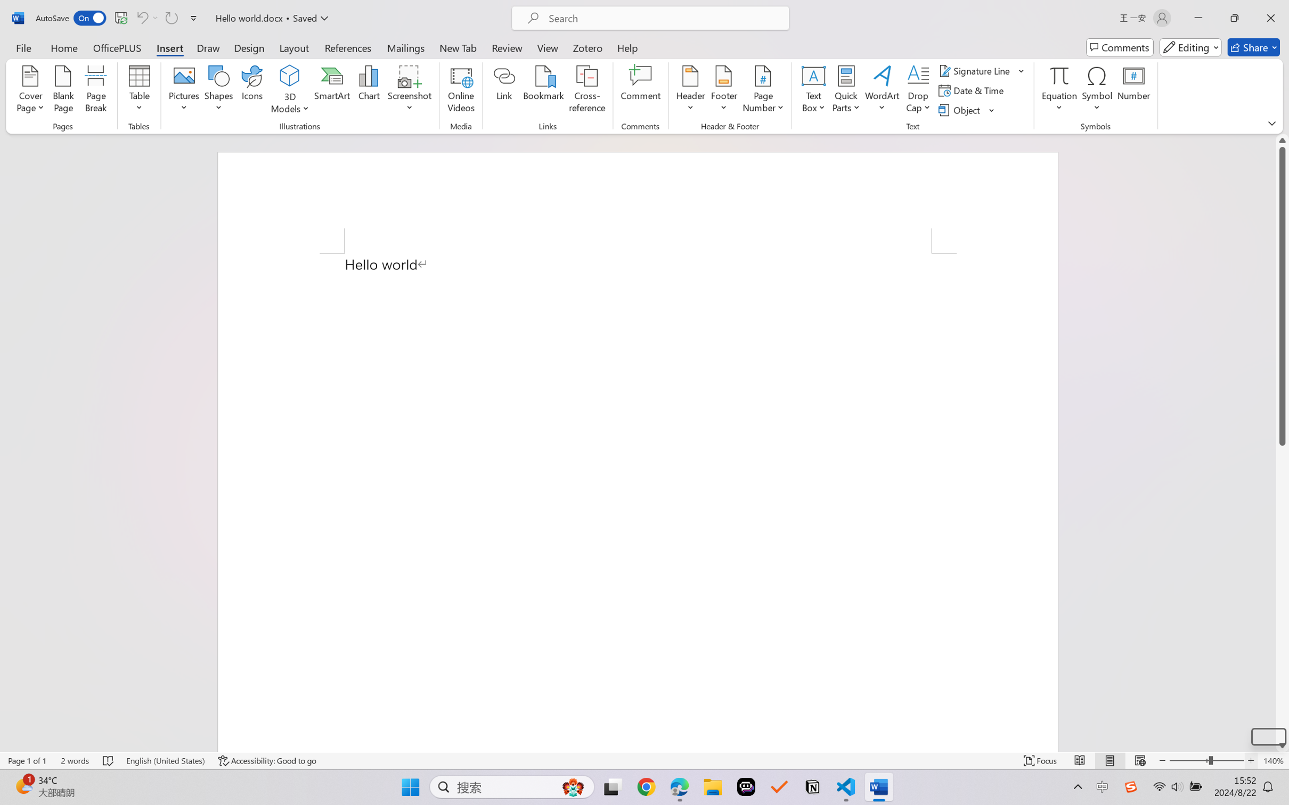 This screenshot has height=805, width=1289. Describe the element at coordinates (504, 91) in the screenshot. I see `'Link'` at that location.